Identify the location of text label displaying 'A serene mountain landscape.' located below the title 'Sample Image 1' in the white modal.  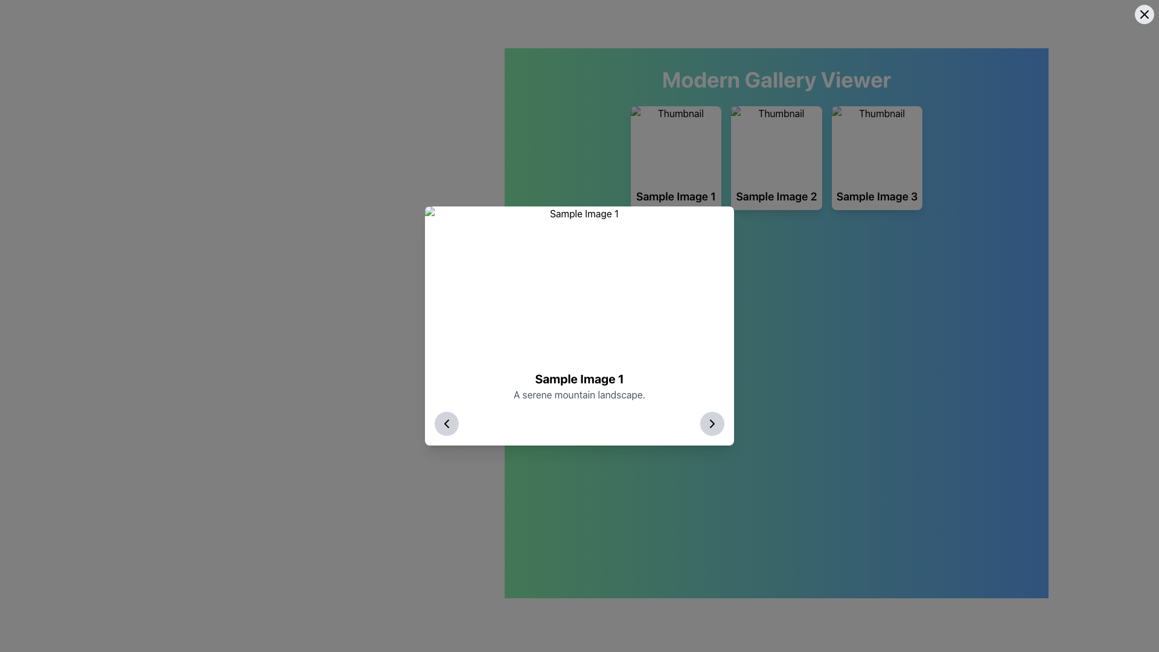
(579, 395).